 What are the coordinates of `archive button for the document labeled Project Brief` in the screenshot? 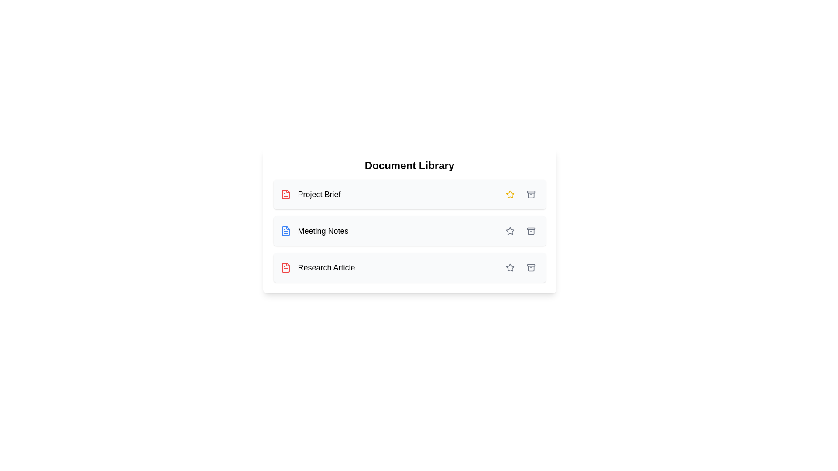 It's located at (530, 194).